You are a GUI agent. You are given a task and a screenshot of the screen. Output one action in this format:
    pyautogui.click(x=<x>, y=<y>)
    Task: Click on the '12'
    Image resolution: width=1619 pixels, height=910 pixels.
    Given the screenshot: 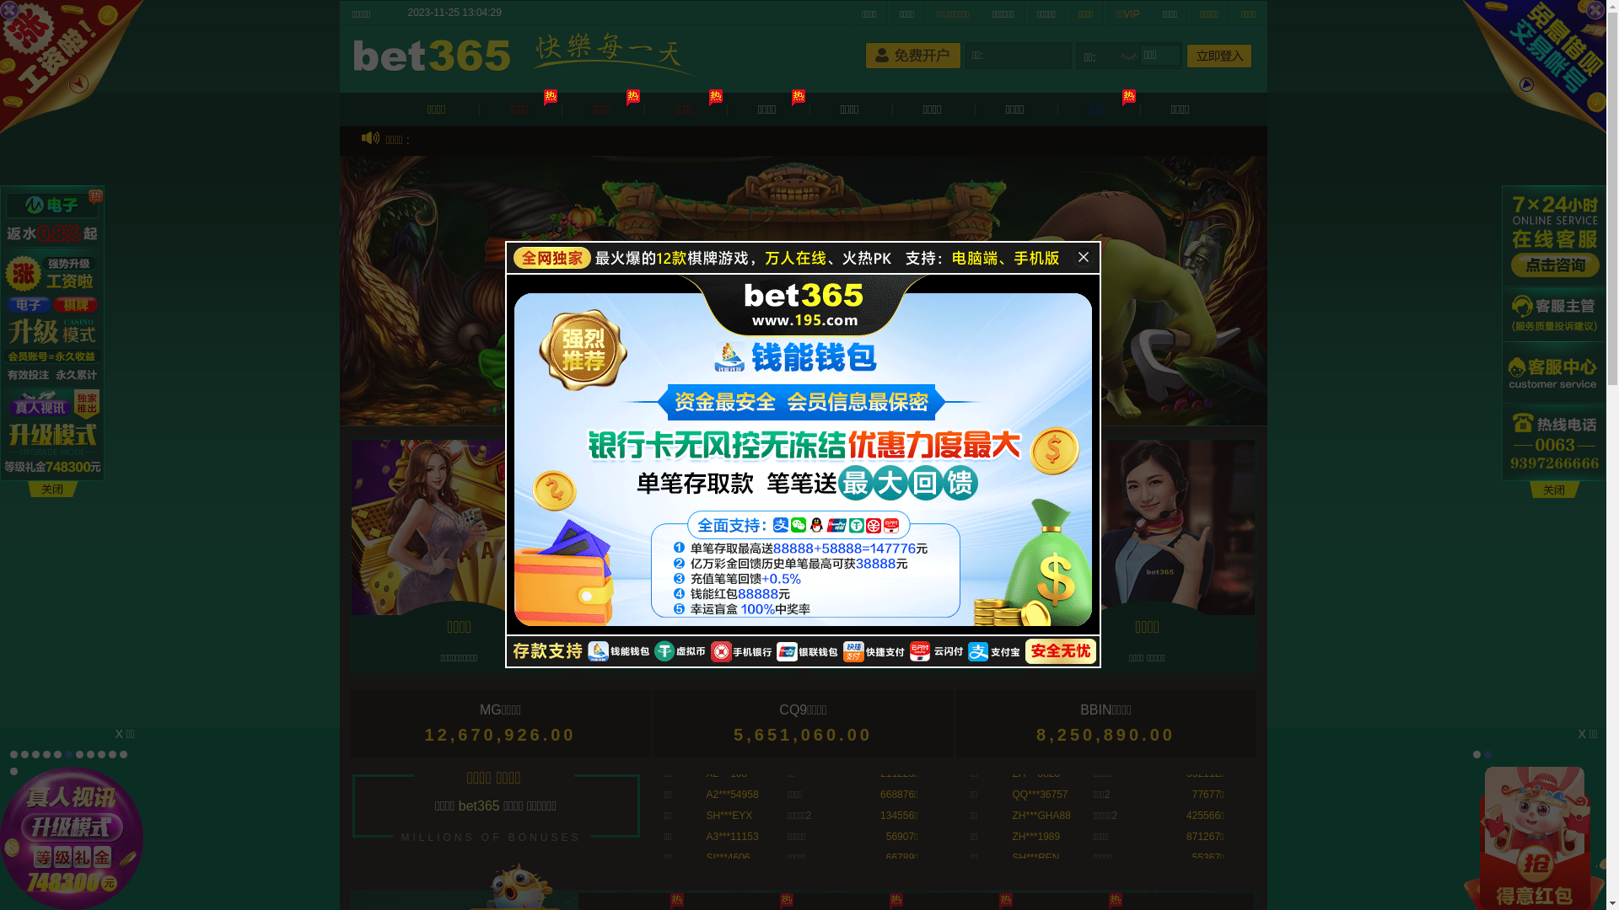 What is the action you would take?
    pyautogui.click(x=13, y=771)
    